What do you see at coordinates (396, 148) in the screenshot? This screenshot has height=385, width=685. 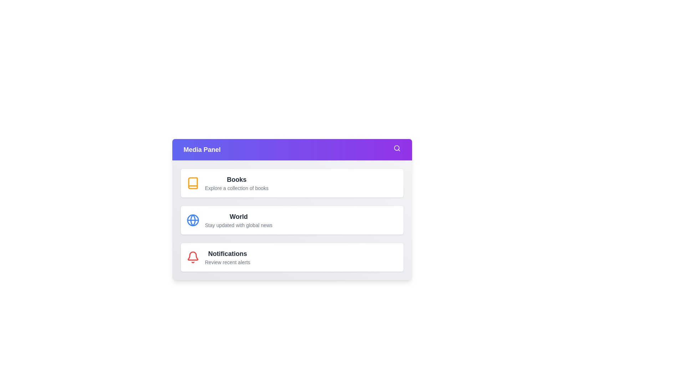 I see `the search icon in the Media Panel` at bounding box center [396, 148].